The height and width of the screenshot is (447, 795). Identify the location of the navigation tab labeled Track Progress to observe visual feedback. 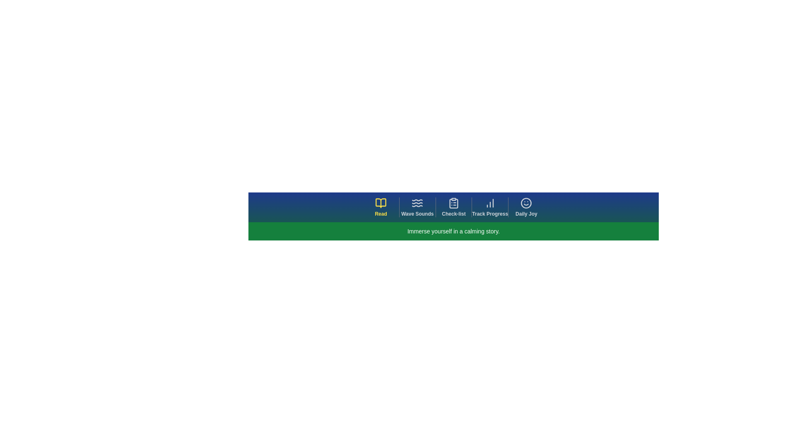
(489, 207).